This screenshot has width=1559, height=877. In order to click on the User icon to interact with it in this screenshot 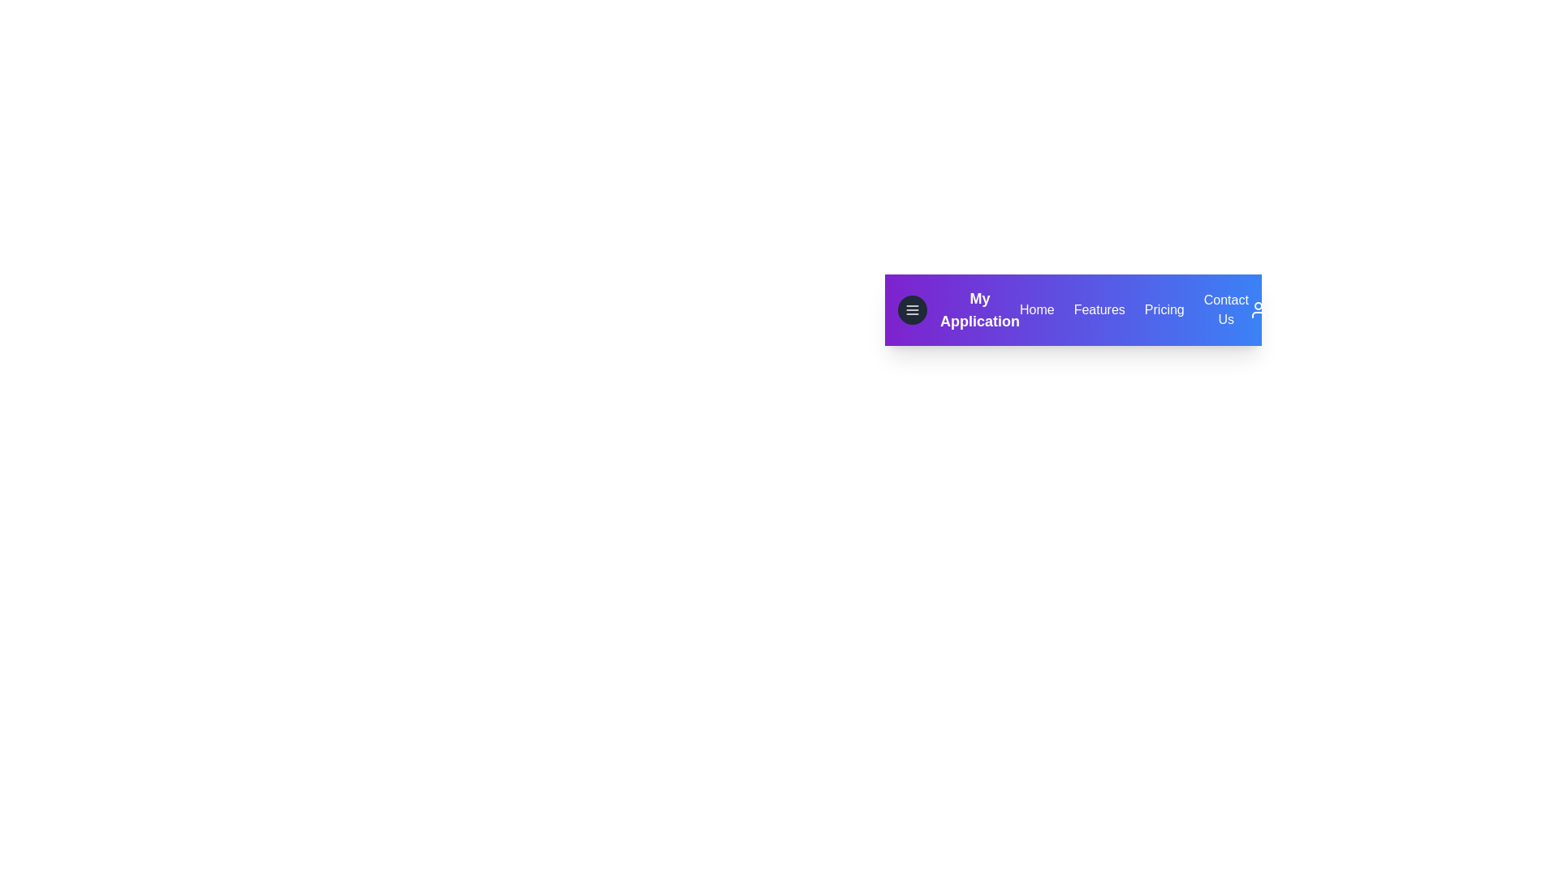, I will do `click(1257, 309)`.